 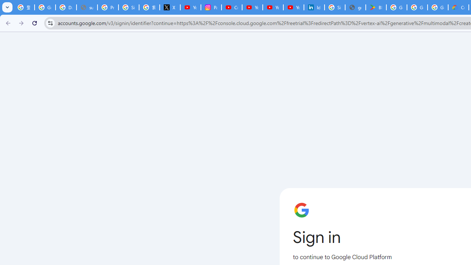 What do you see at coordinates (170, 7) in the screenshot?
I see `'X'` at bounding box center [170, 7].